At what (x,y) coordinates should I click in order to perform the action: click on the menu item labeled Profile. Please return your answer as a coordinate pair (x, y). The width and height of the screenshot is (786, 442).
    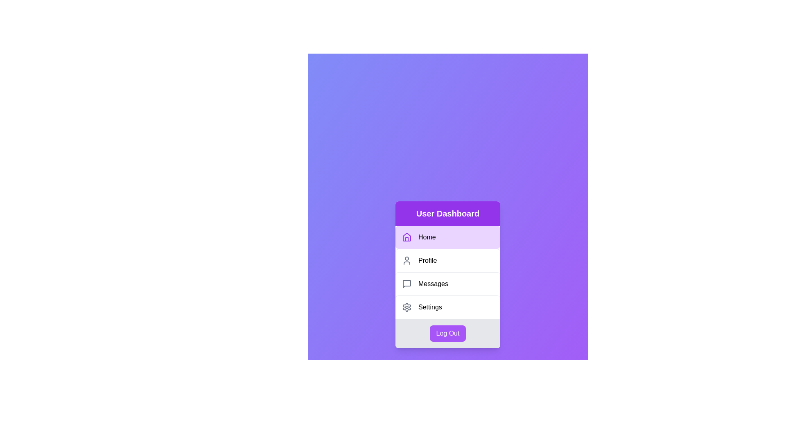
    Looking at the image, I should click on (447, 260).